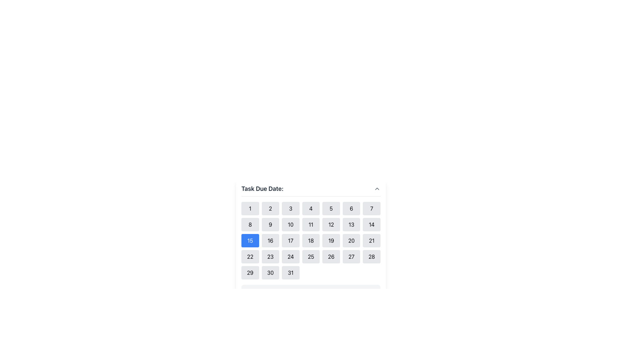  I want to click on the eighth button in the grid layout for selecting the number 8, located in the second row and first column beneath the header 'Task Due Date:', so click(250, 224).